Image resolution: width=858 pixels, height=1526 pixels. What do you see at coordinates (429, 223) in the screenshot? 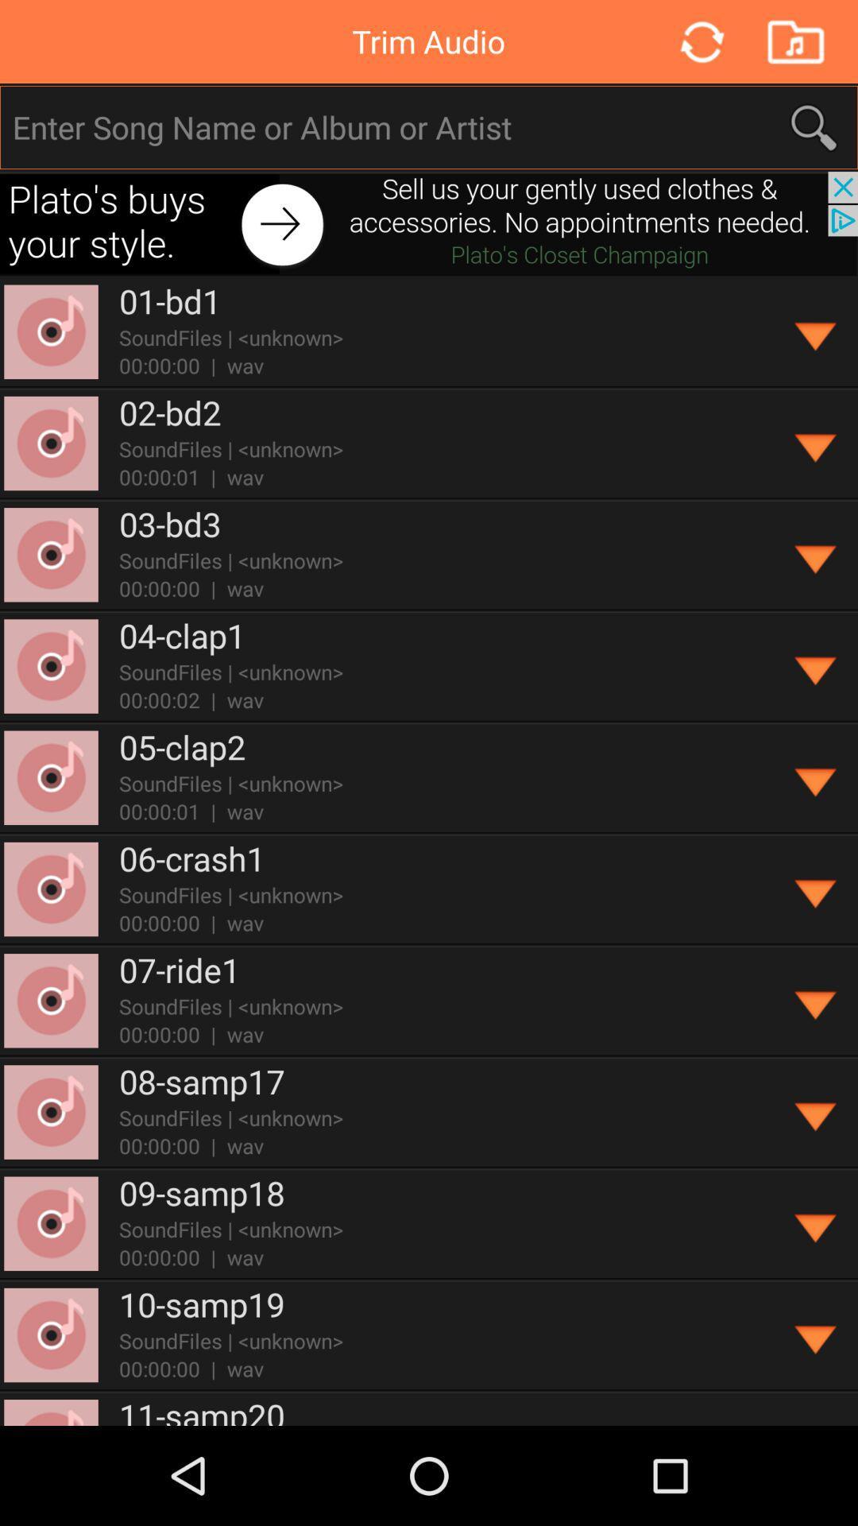
I see `advertisements are notbohering us` at bounding box center [429, 223].